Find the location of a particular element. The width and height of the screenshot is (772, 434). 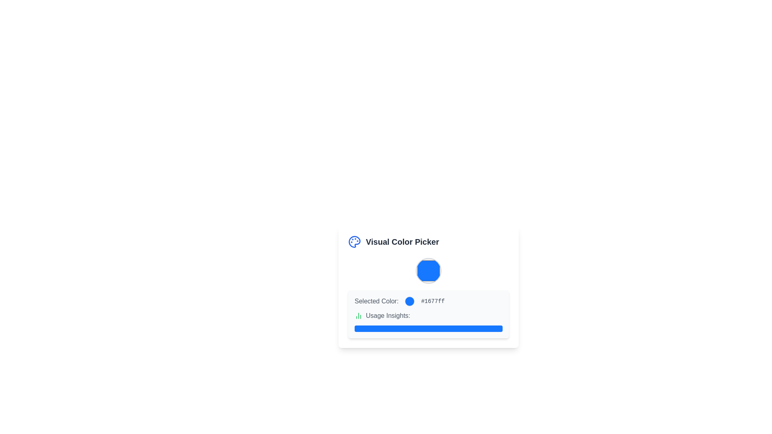

the informational display section that shows the selected color '#1677ff' and its properties, including the label 'Selected Color:' and the blue color swatch is located at coordinates (428, 298).